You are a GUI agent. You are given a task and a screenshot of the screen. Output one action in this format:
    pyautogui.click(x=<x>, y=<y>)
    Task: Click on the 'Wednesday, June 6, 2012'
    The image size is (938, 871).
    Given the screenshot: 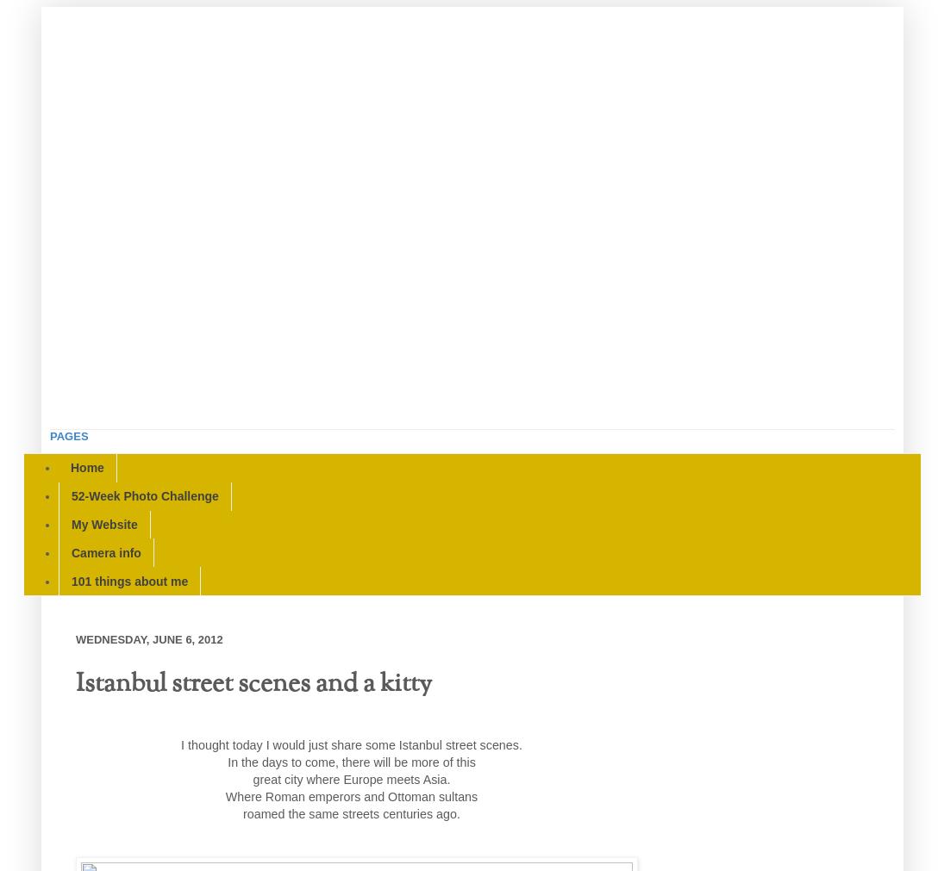 What is the action you would take?
    pyautogui.click(x=147, y=638)
    